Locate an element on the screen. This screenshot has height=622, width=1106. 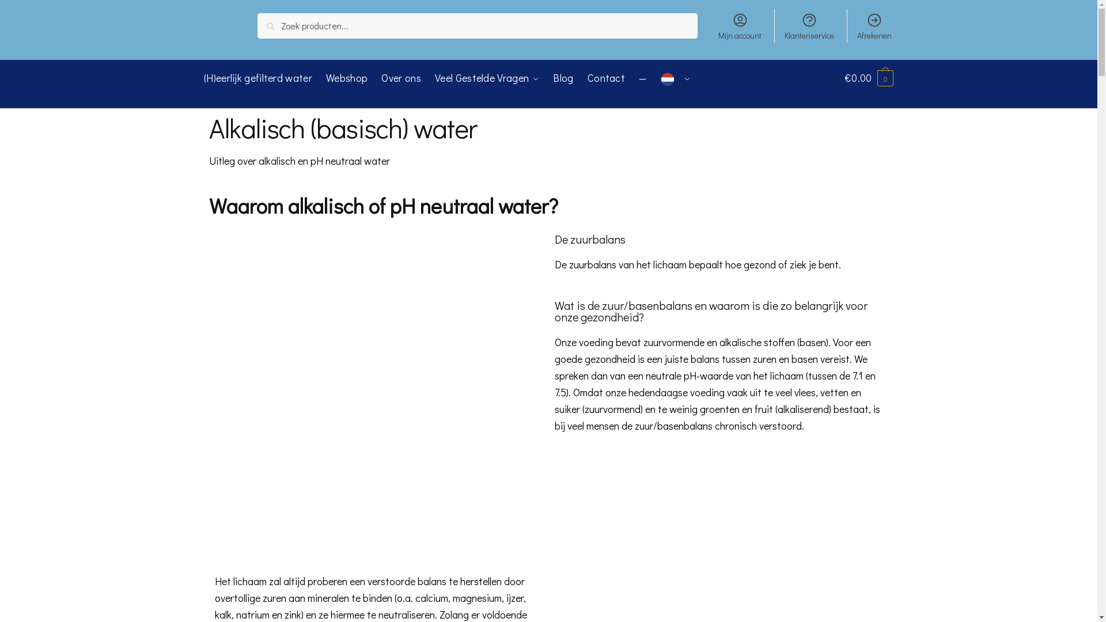
'(H)eerlijk gefilterd water' is located at coordinates (260, 78).